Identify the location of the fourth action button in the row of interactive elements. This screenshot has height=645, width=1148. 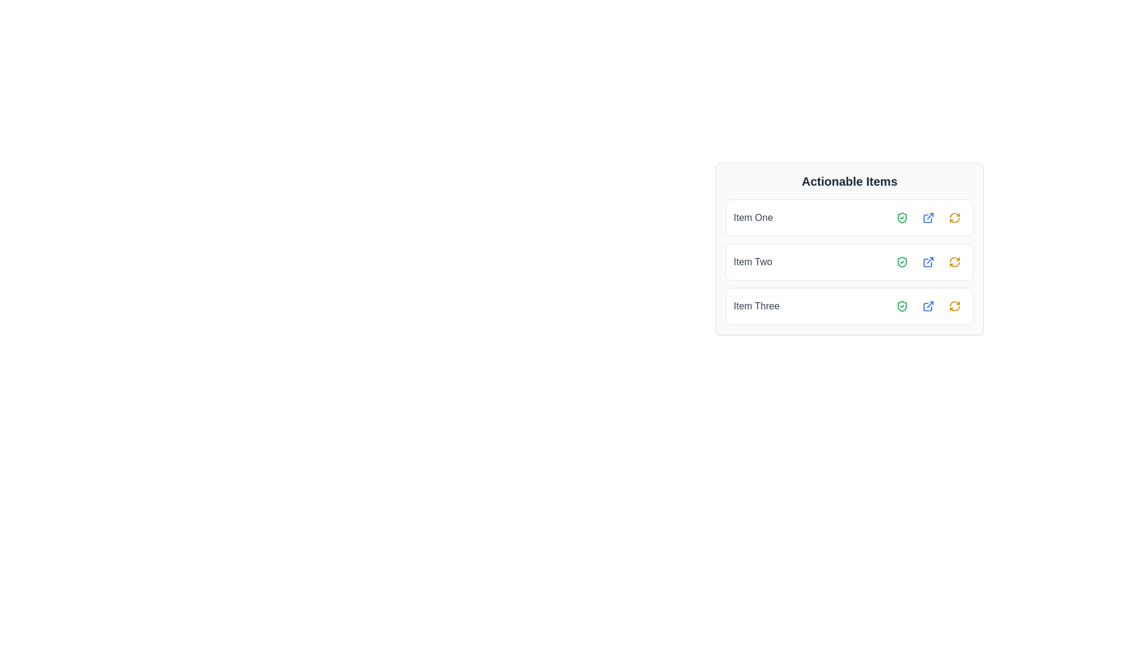
(954, 262).